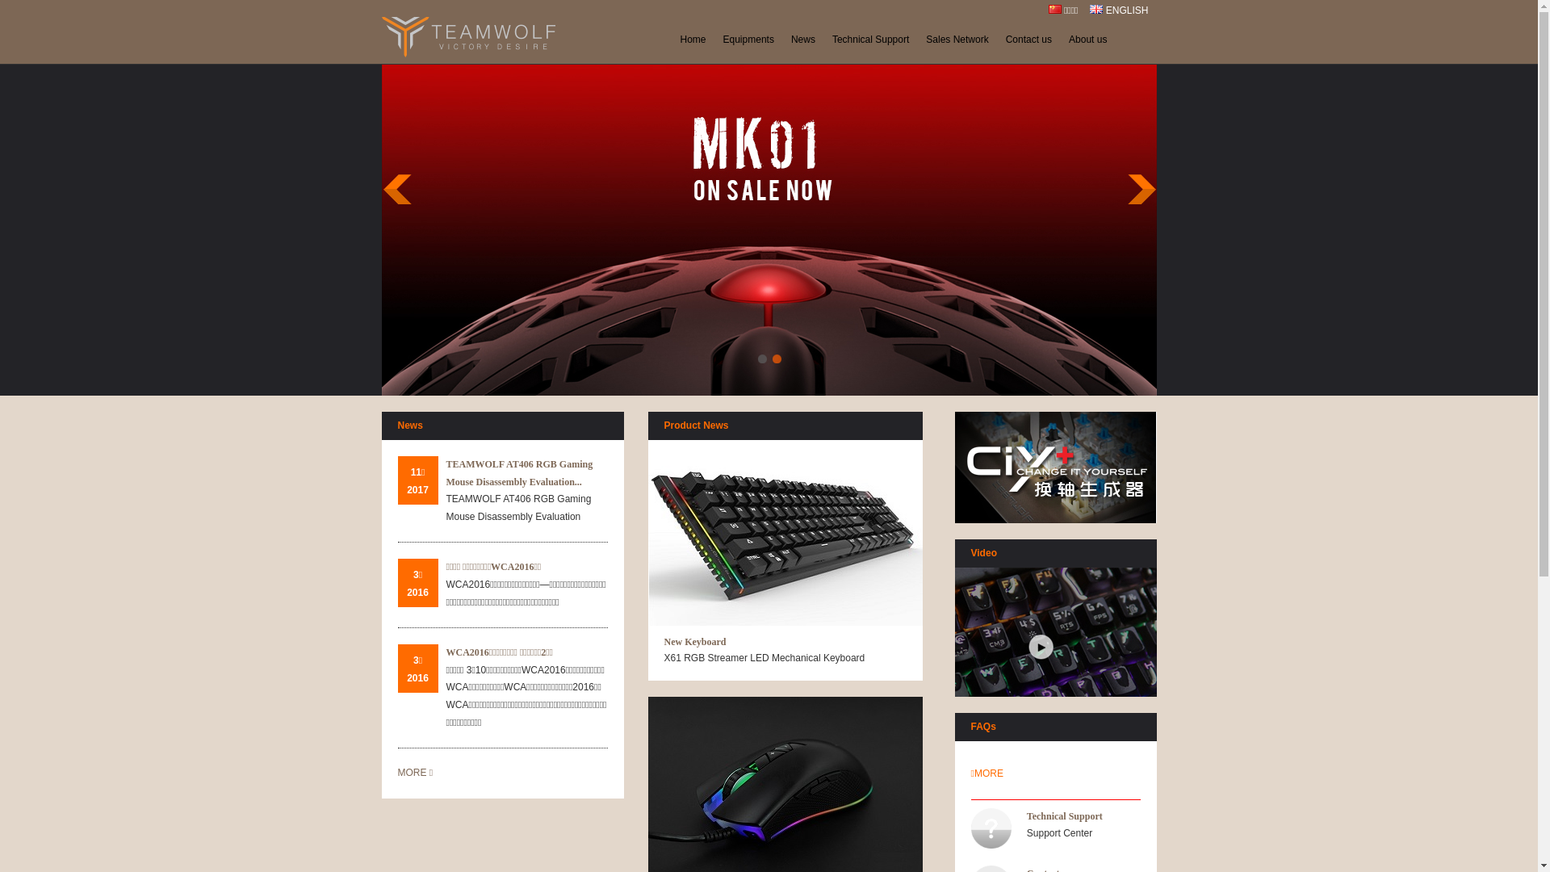 The image size is (1550, 872). Describe the element at coordinates (782, 39) in the screenshot. I see `'News'` at that location.